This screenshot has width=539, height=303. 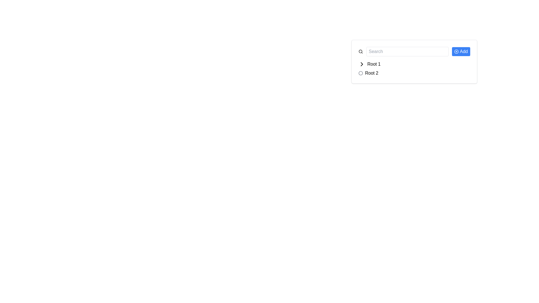 I want to click on the clickable text labeled 'Root 1' for keyboard interaction, so click(x=374, y=64).